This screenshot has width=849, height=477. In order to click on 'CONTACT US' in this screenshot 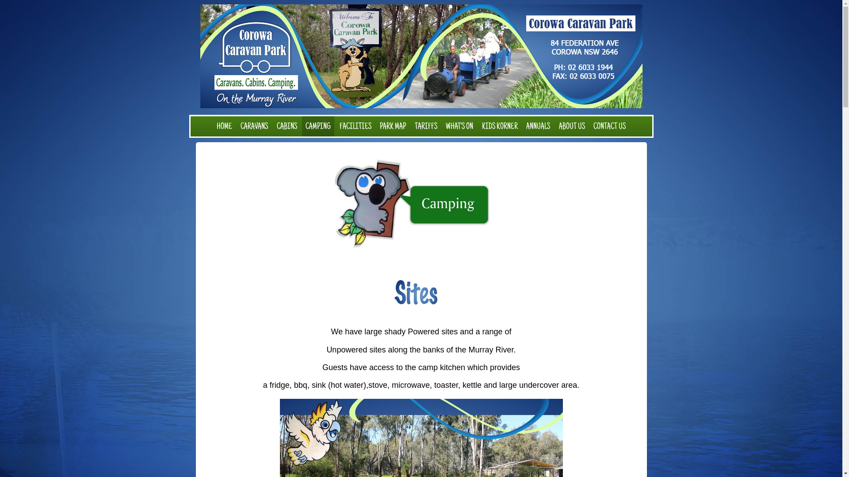, I will do `click(609, 126)`.